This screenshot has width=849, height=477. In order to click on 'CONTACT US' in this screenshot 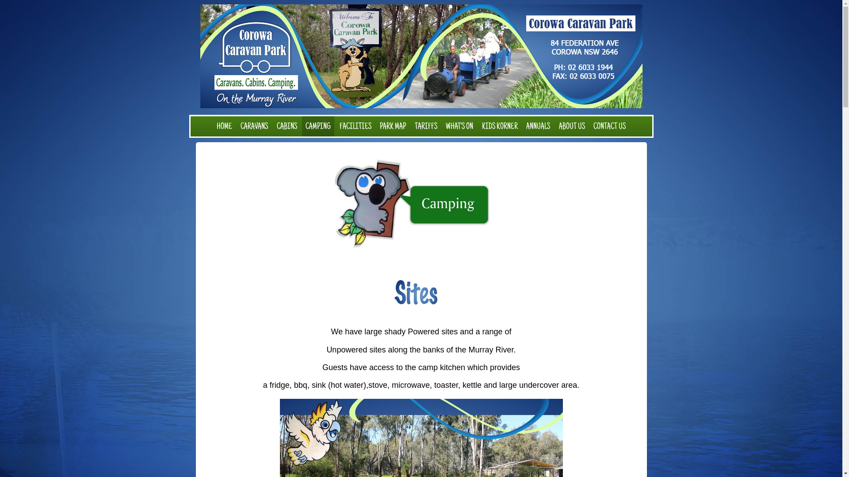, I will do `click(609, 126)`.